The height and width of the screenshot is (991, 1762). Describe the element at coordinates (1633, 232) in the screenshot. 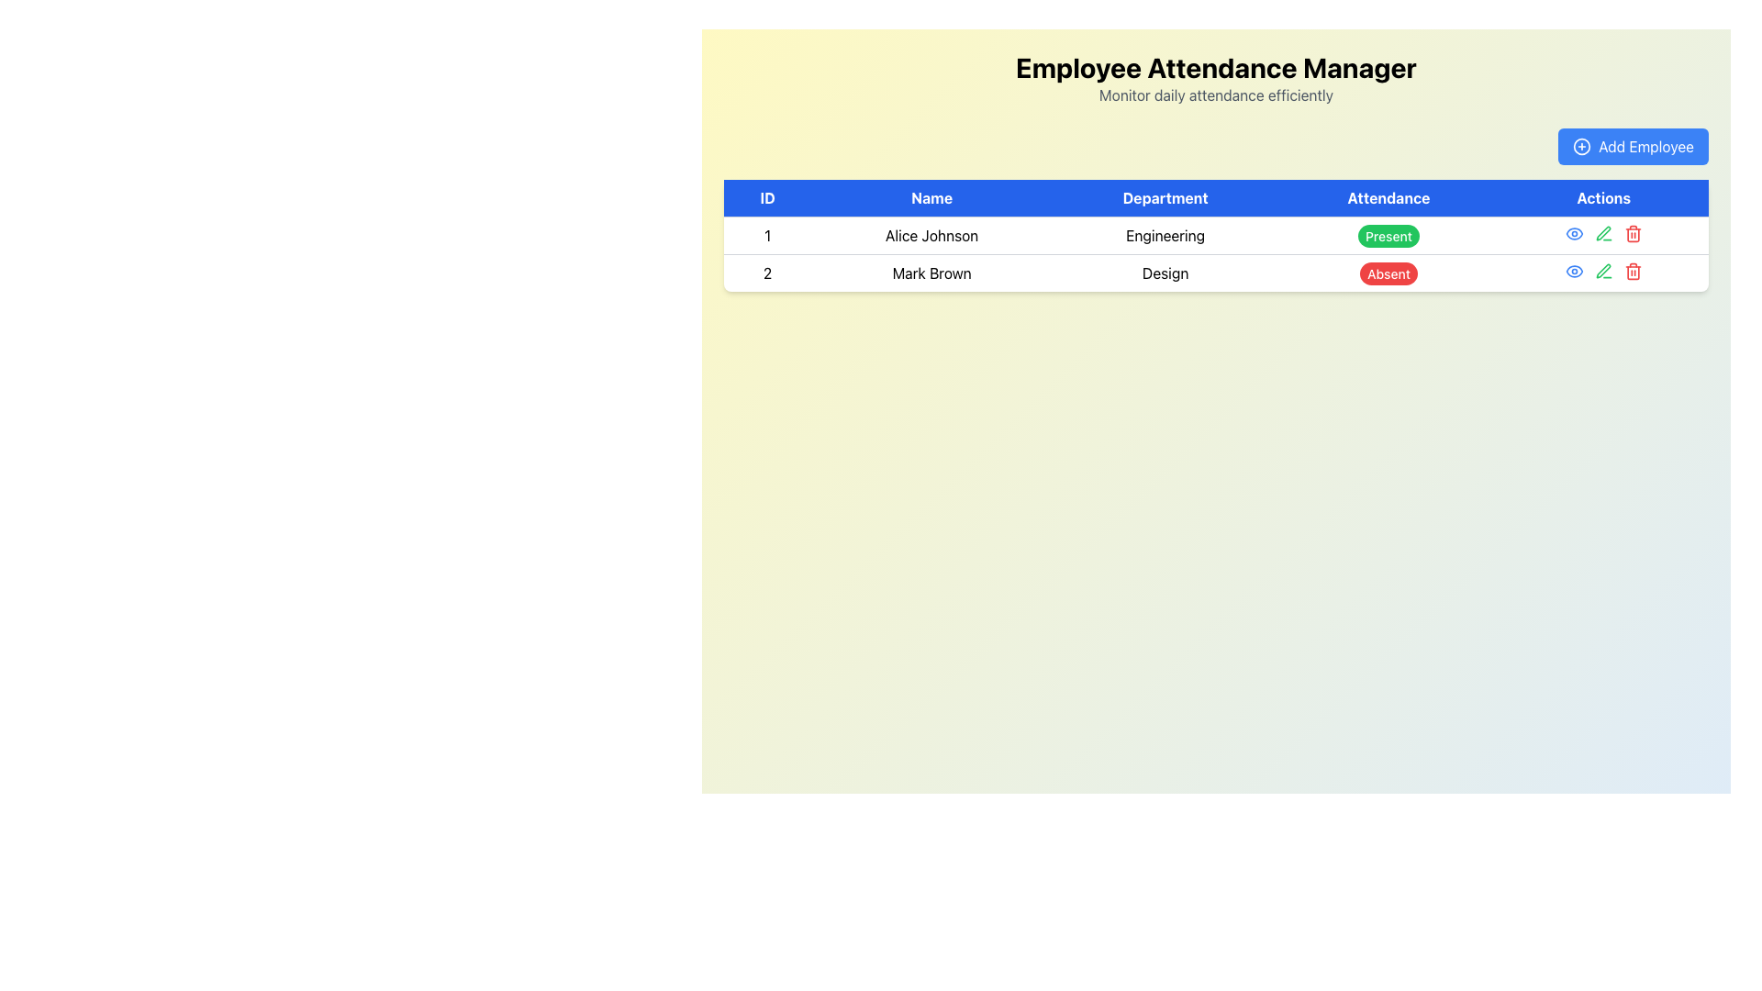

I see `the delete icon in the Actions column of the table row for Mark Brown` at that location.